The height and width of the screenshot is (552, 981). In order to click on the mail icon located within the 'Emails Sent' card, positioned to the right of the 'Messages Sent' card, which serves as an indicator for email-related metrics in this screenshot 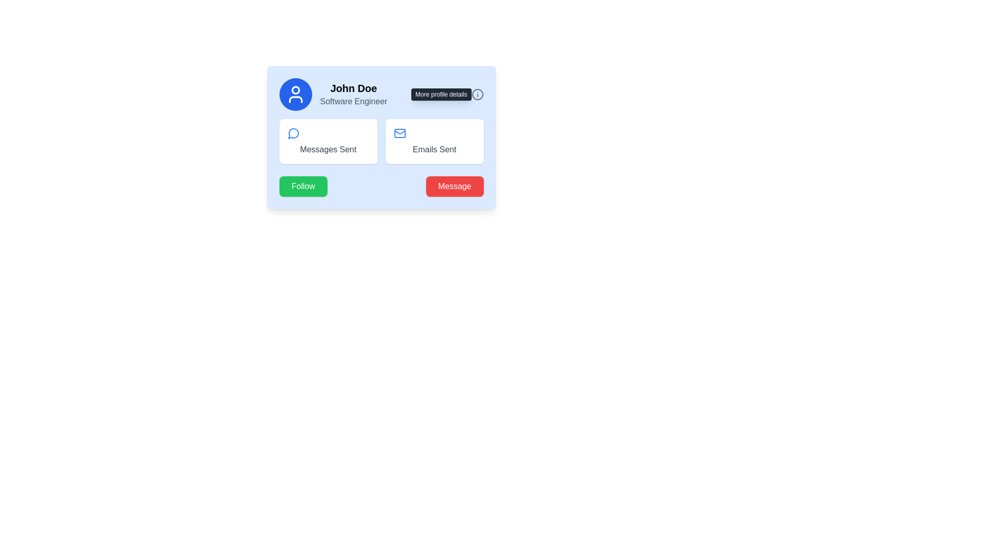, I will do `click(399, 133)`.